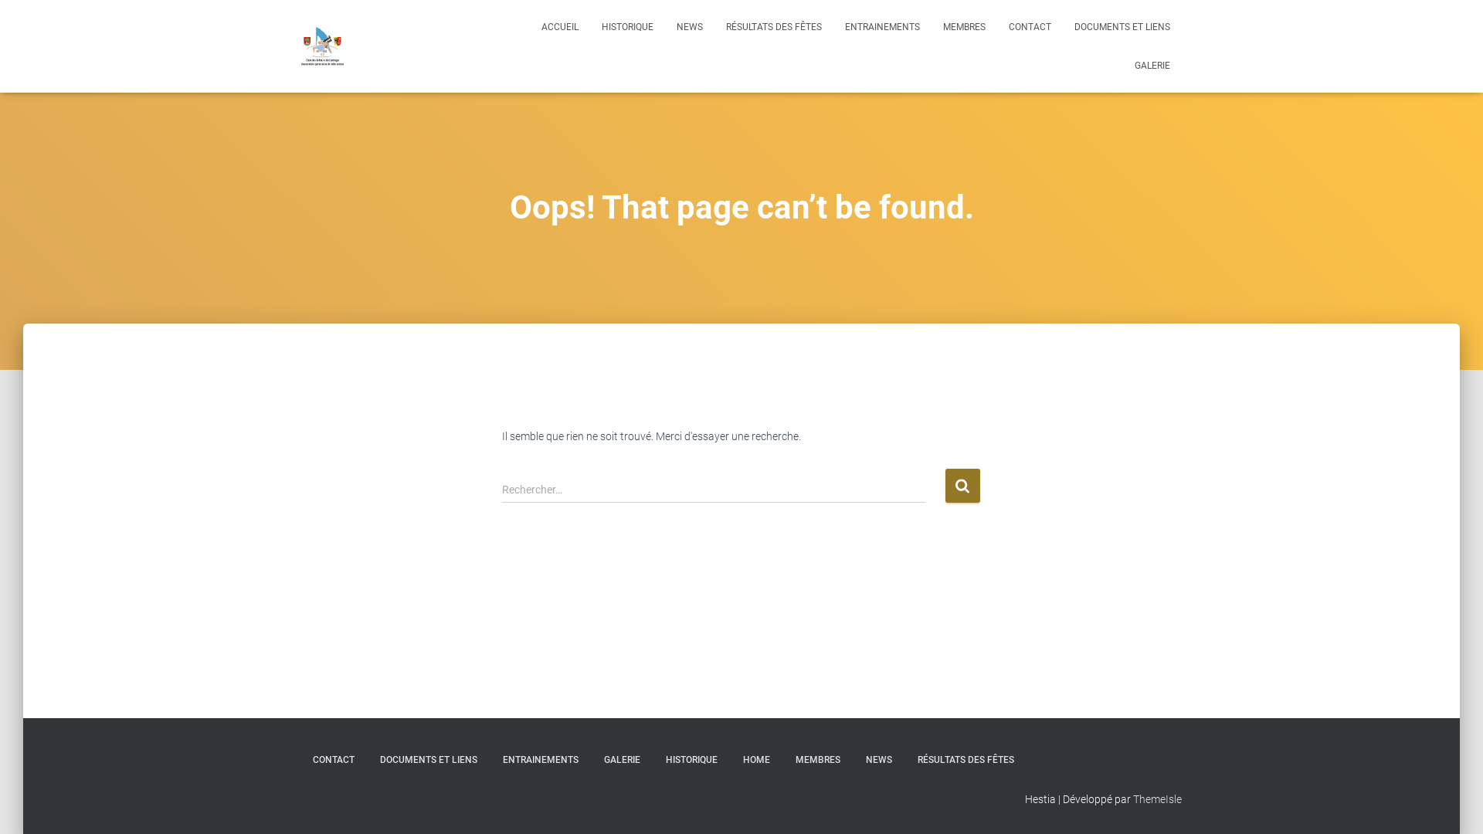 This screenshot has width=1483, height=834. Describe the element at coordinates (756, 759) in the screenshot. I see `'HOME'` at that location.